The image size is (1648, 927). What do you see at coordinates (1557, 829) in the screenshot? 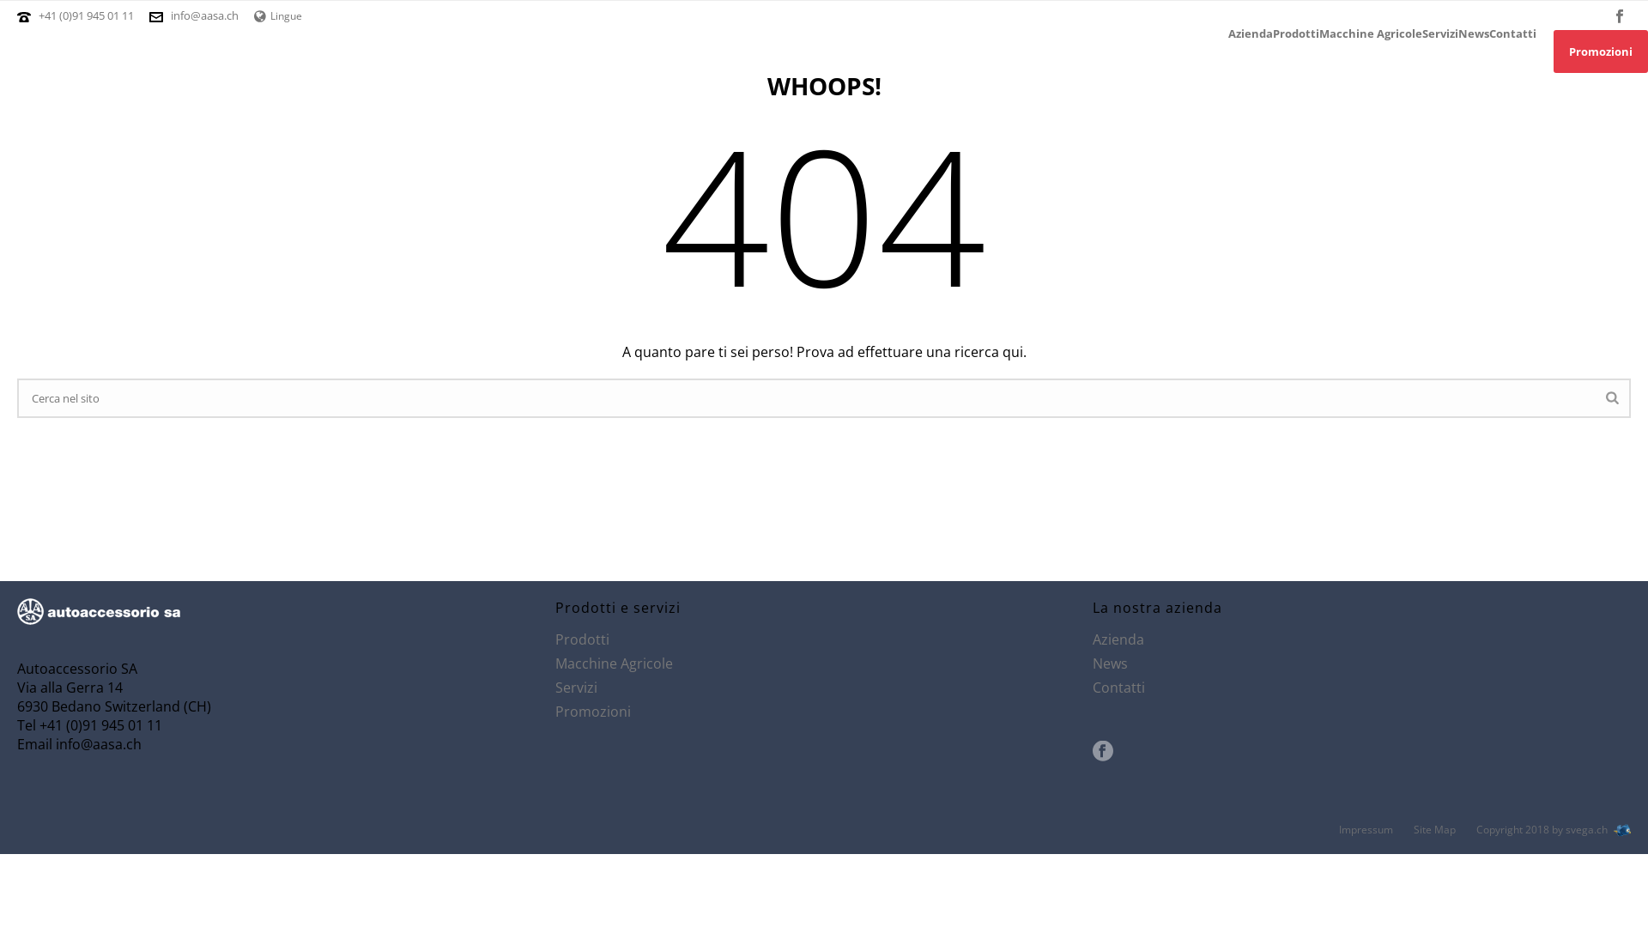
I see `'Copyright 2018 by svega.ch'` at bounding box center [1557, 829].